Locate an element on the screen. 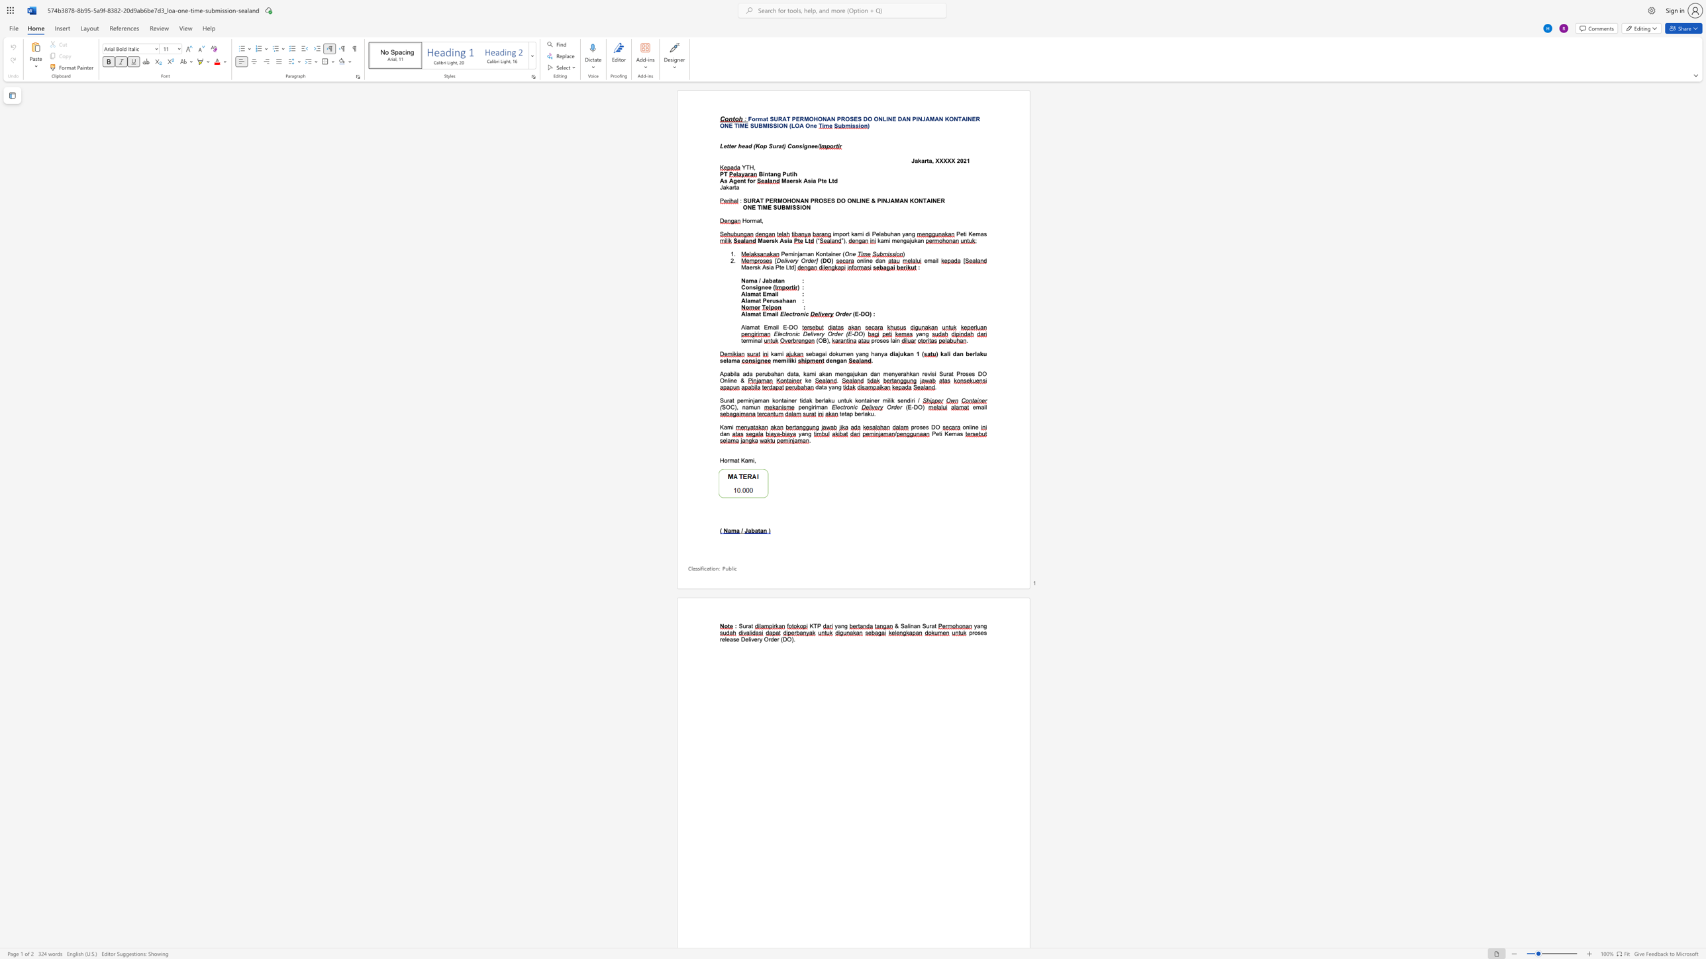 The width and height of the screenshot is (1706, 959). the subset text "AN PROSES DO ONLINE DAN P" within the text "SURAT PERMOHONAN PROSES DO ONLINE DAN PINJAMAN KONTAINER" is located at coordinates (825, 119).